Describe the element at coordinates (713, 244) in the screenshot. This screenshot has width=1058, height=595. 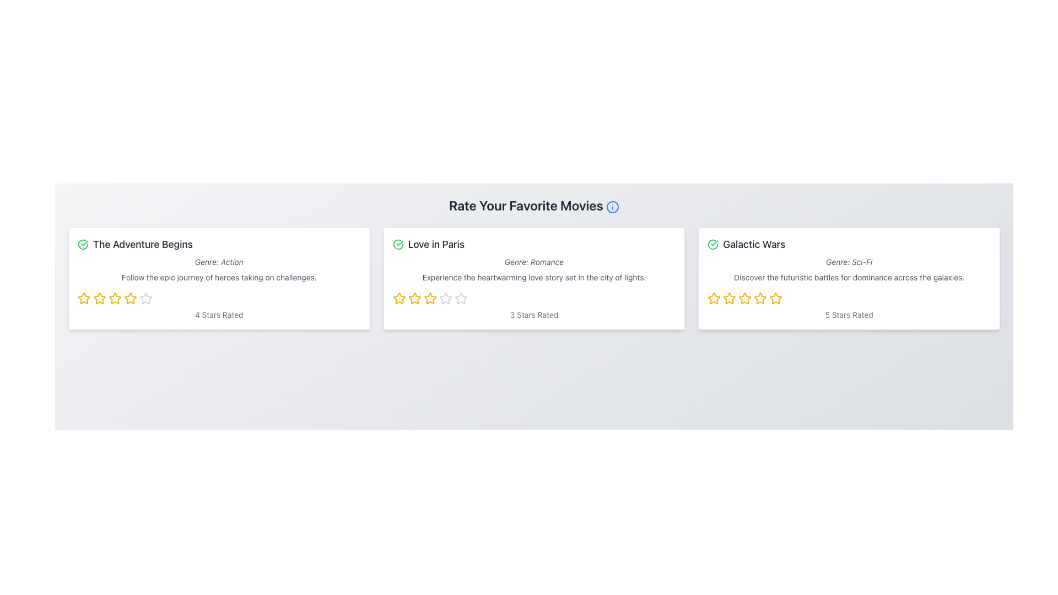
I see `the state of the approval icon located to the left of the 'Galactic Wars' text in the movie reviews section` at that location.